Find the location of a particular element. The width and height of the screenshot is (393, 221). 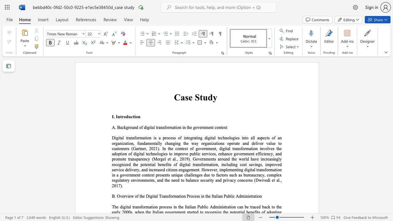

the subset text "igital Transformation Process in the Italian Public Administr" within the text "B. Overview of the Digital Transformation Process in the Italian Public Administration" is located at coordinates (149, 196).